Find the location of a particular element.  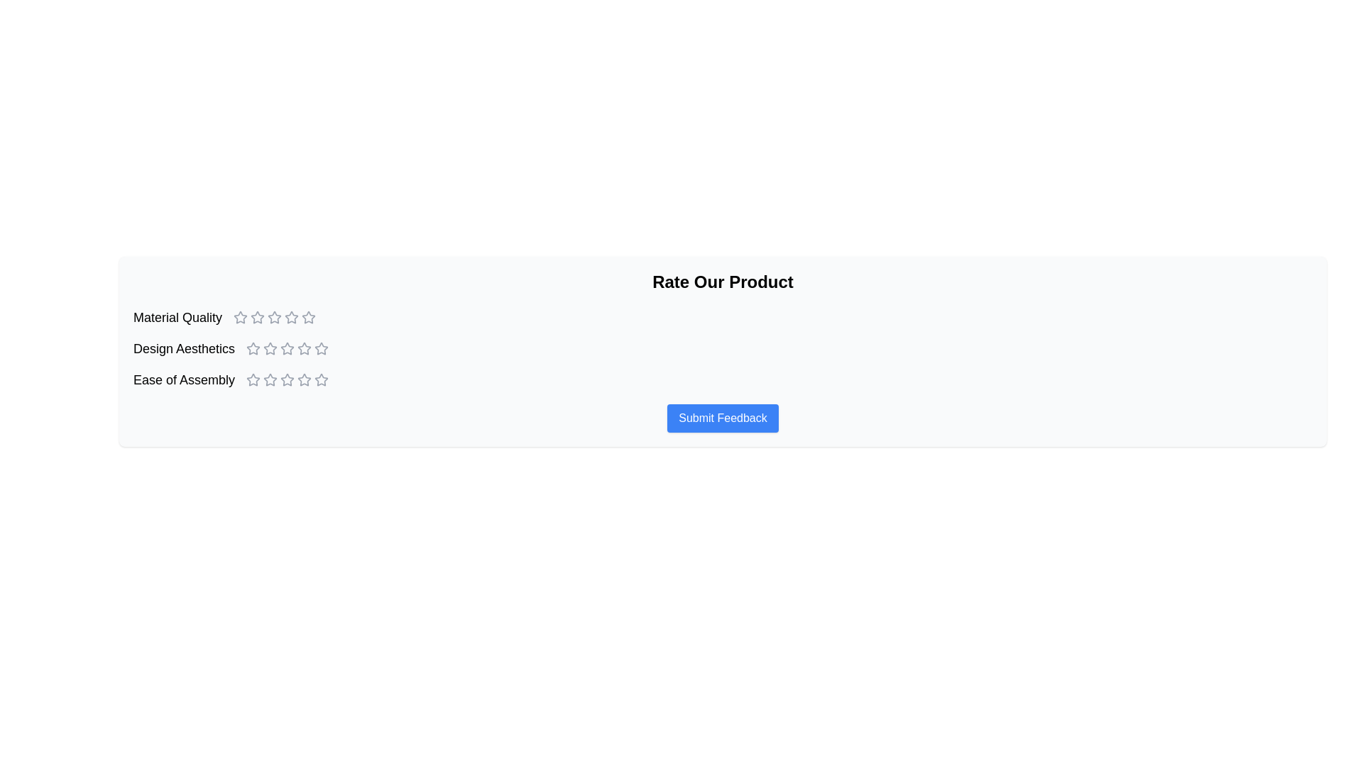

the fourth interactive rating star in the rating system under the 'Ease of Assembly' category is located at coordinates (321, 379).